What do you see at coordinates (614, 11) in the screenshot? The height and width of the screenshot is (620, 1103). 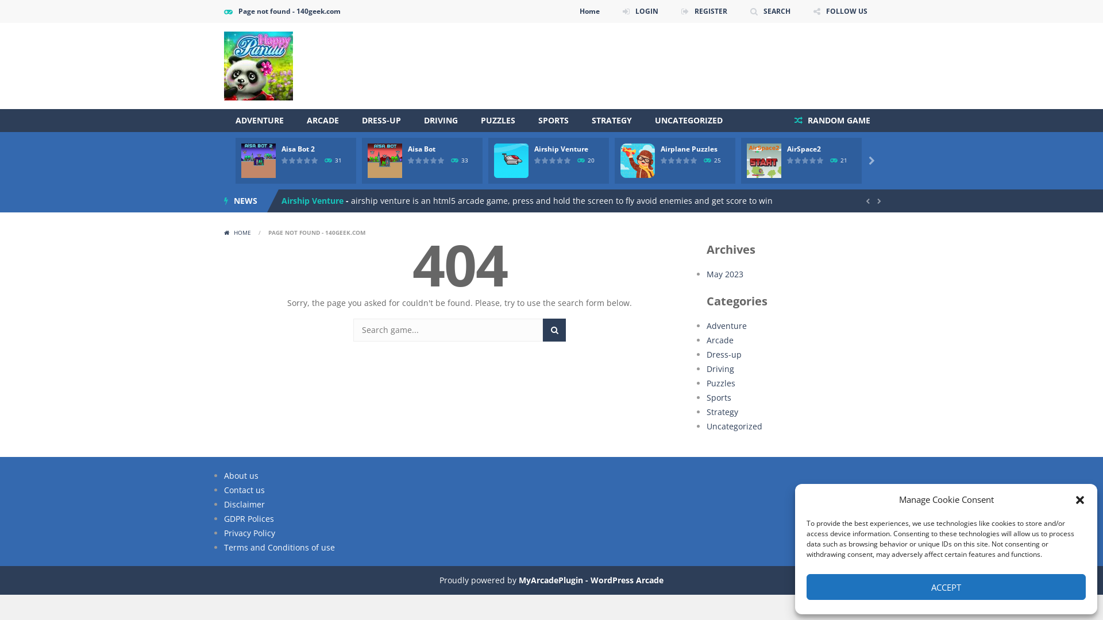 I see `'LOGIN'` at bounding box center [614, 11].